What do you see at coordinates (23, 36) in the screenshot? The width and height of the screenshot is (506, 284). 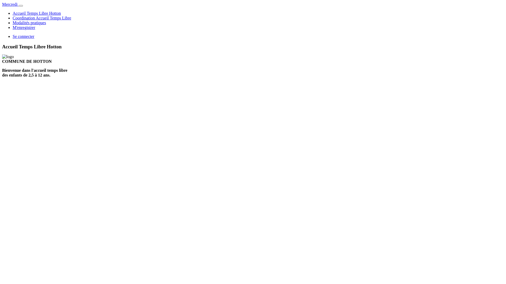 I see `'Se connecter'` at bounding box center [23, 36].